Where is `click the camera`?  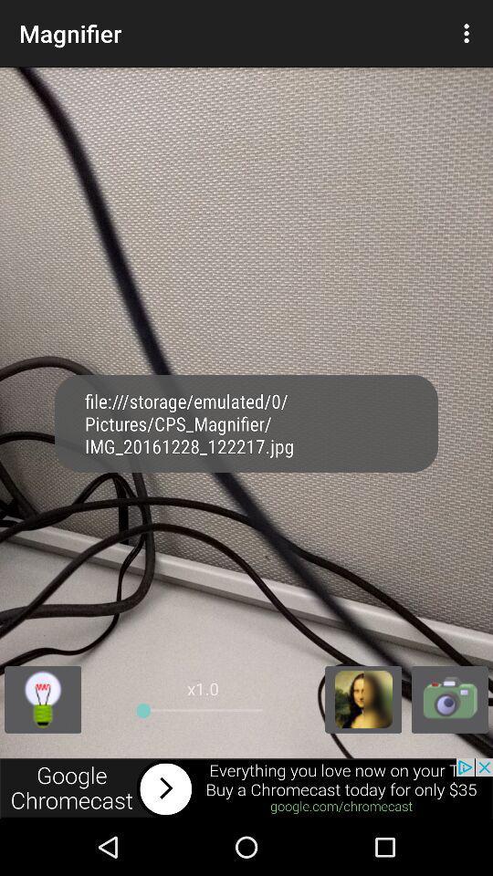
click the camera is located at coordinates (448, 698).